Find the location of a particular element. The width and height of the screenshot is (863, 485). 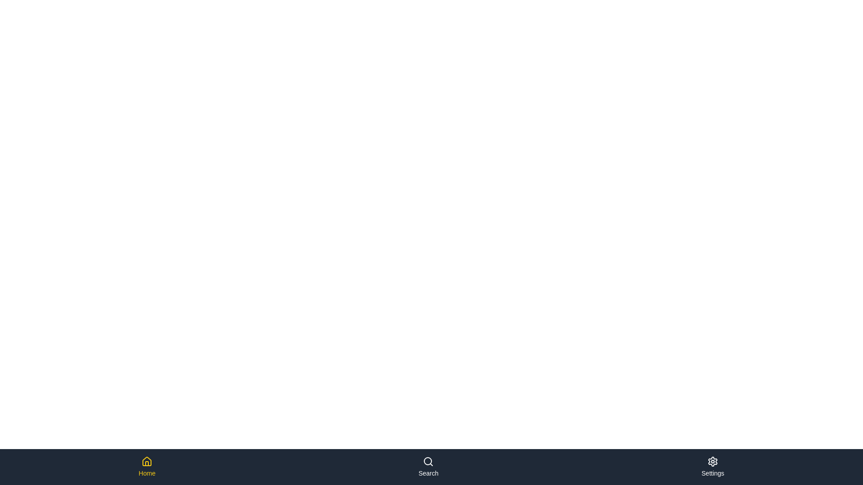

the navigation item Home to switch views is located at coordinates (147, 467).